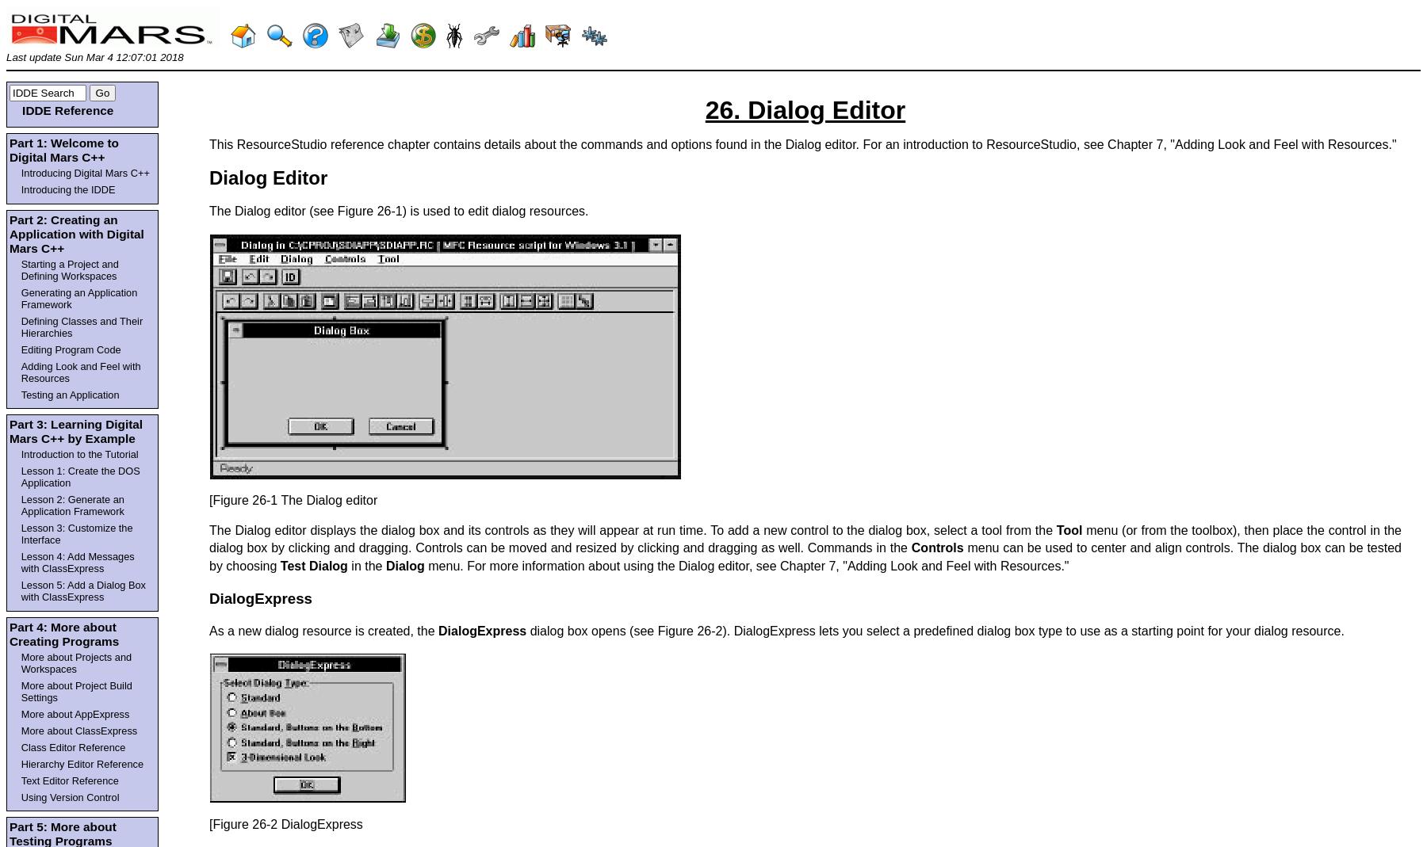  What do you see at coordinates (423, 564) in the screenshot?
I see `'menu. For more information about using the Dialog editor, see 
Chapter 7, "Adding Look and Feel with Resources."'` at bounding box center [423, 564].